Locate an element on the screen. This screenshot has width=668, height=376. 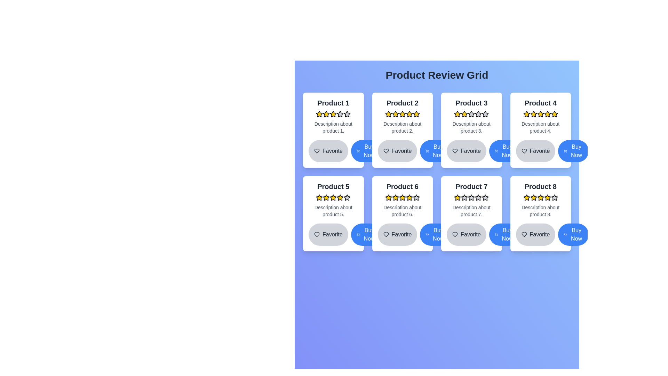
the fifth star icon in the rating sequence for 'Product 7' is located at coordinates (485, 197).